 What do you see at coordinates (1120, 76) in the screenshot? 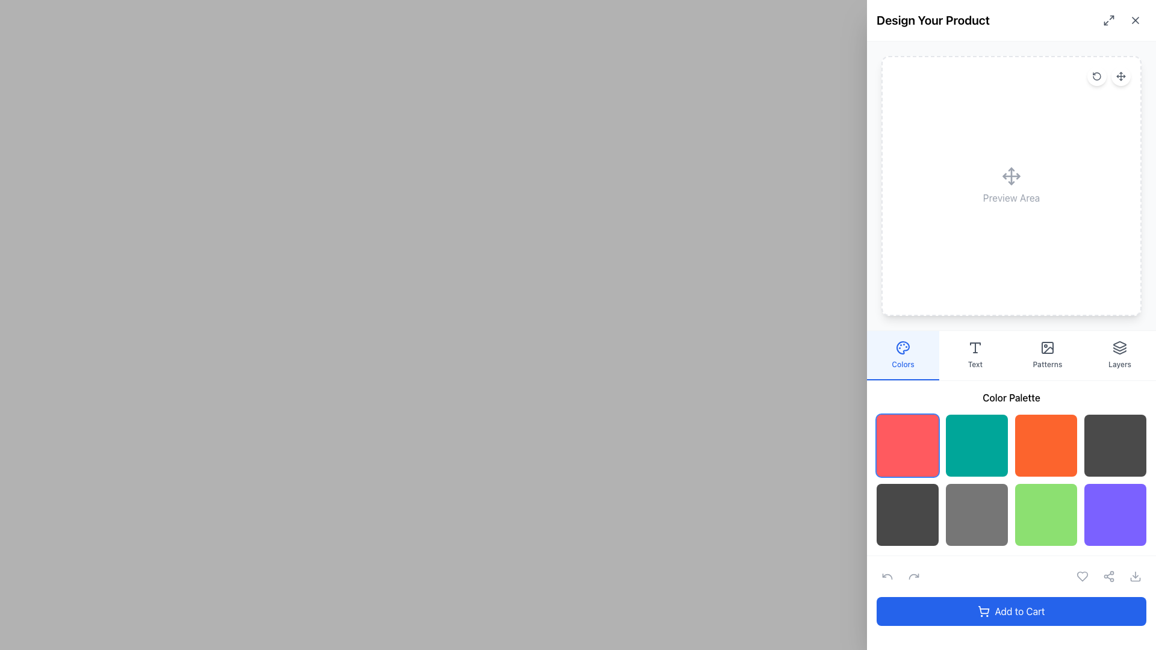
I see `the circular button with a white background and gray arrows icon in the top-right corner` at bounding box center [1120, 76].